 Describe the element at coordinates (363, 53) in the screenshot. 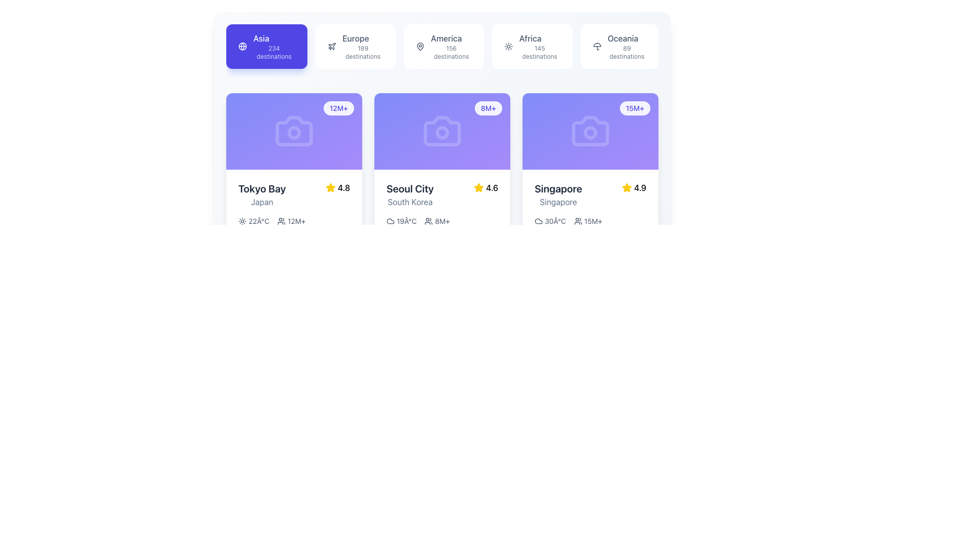

I see `the text label that reads '189 destinations', which is styled with a small font size and light opacity, located directly below the bolder text 'Europe'` at that location.